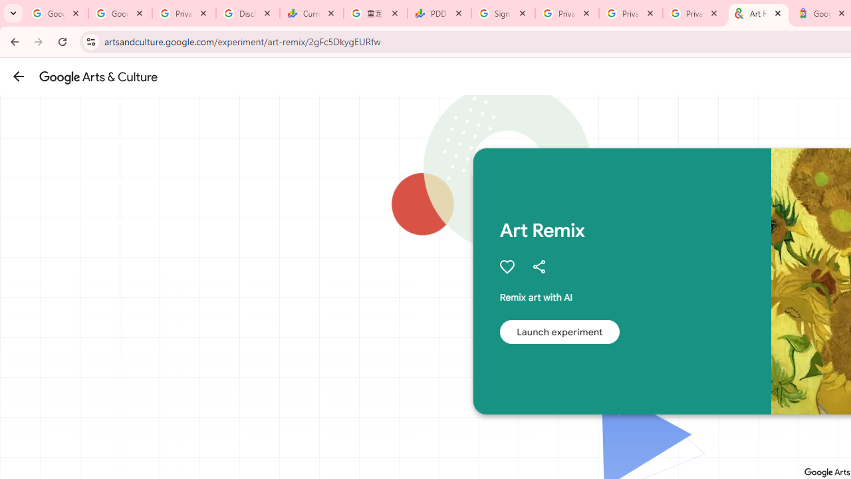  Describe the element at coordinates (311, 13) in the screenshot. I see `'Currencies - Google Finance'` at that location.